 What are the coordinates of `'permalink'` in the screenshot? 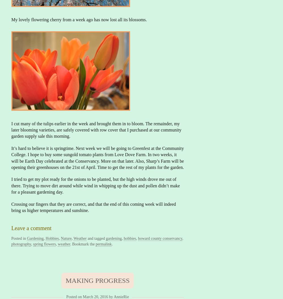 It's located at (95, 244).